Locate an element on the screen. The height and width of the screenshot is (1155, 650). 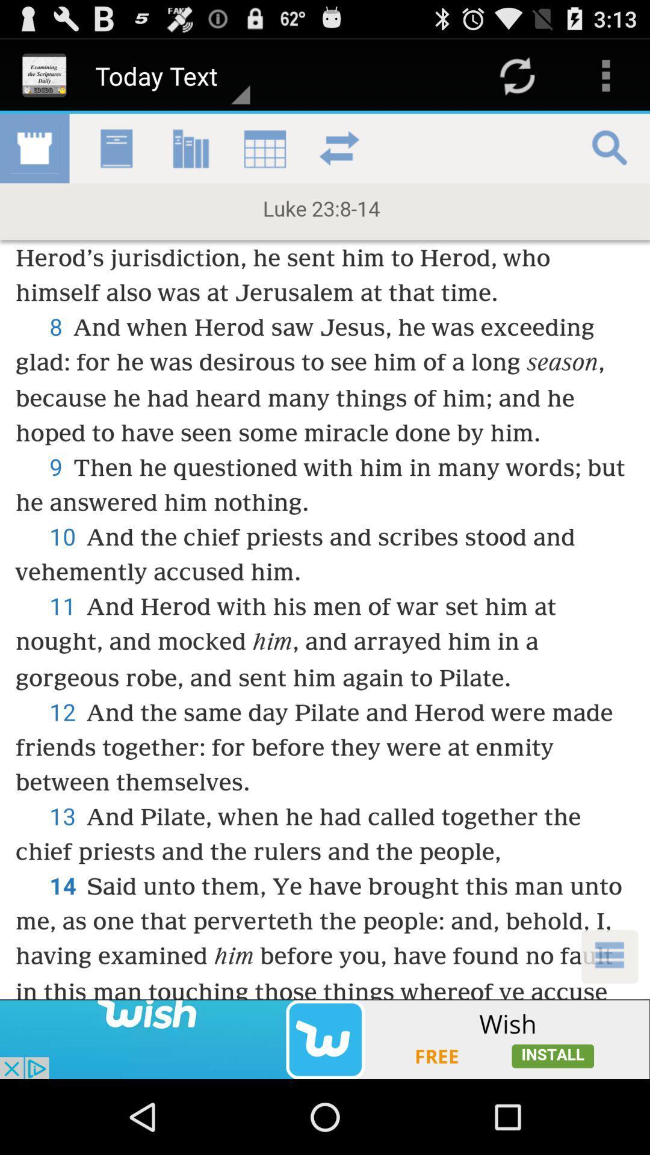
read text is located at coordinates (325, 556).